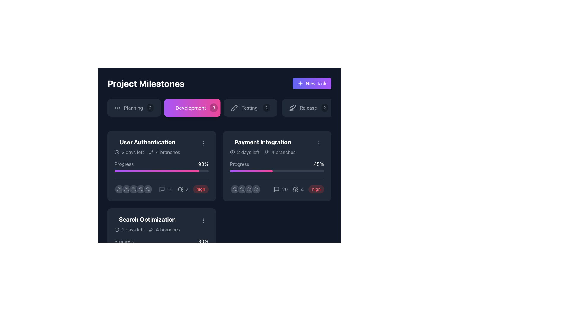 This screenshot has width=570, height=320. Describe the element at coordinates (203, 220) in the screenshot. I see `the Vertical ellipsis icon located in the top-right corner of the 'Search Optimization' section in the bottom-left card` at that location.